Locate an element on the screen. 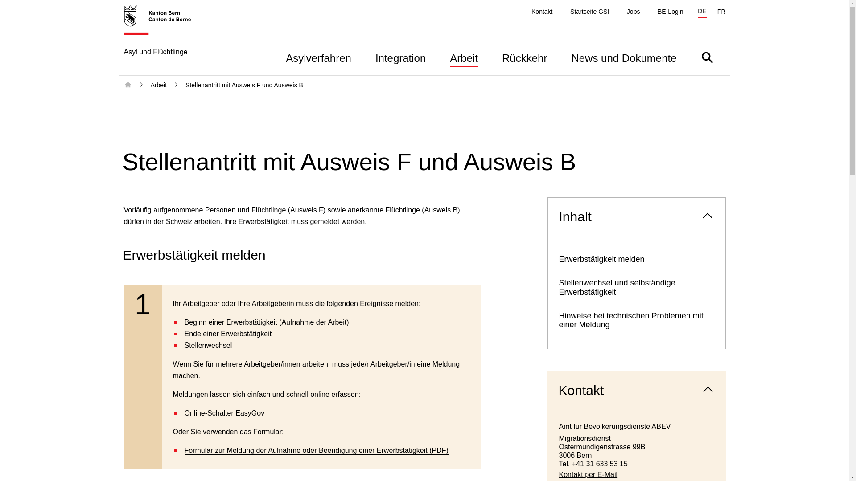  'Integration' is located at coordinates (400, 57).